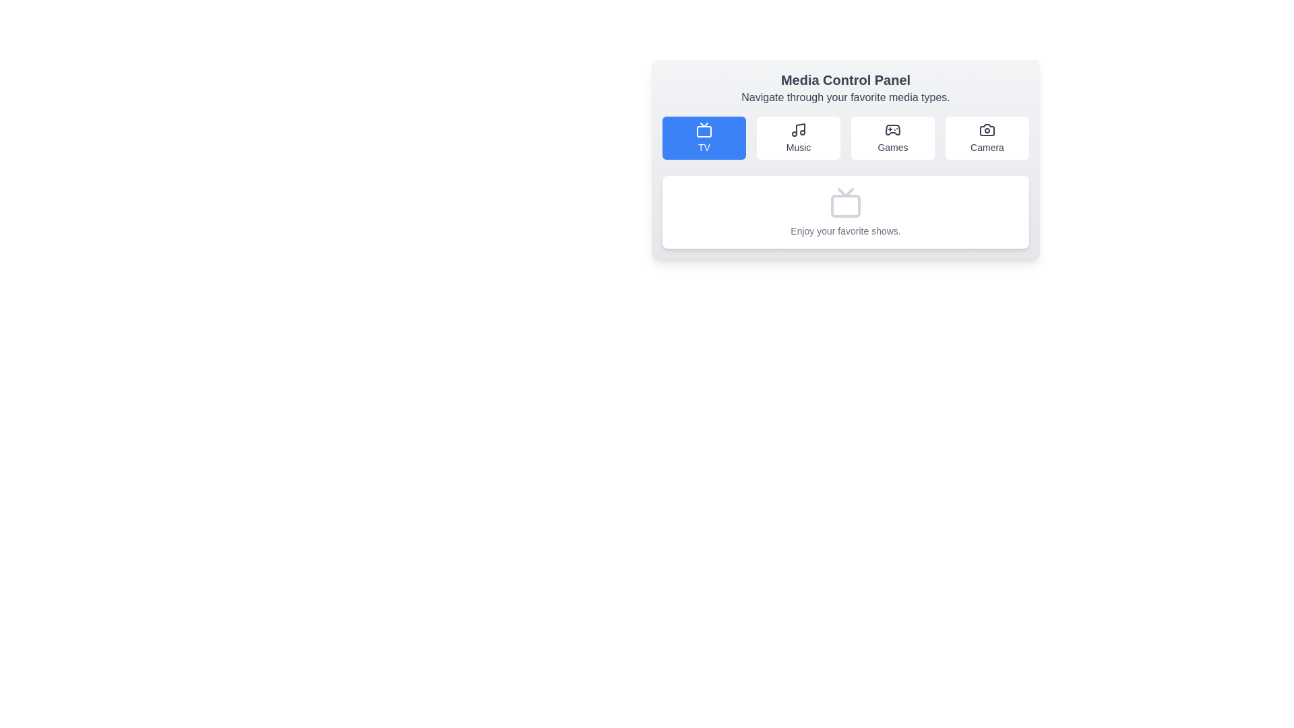  Describe the element at coordinates (987, 129) in the screenshot. I see `the camera SVG icon located in the media control panel, which is the last button in a row of four buttons, visually representing the camera functionality` at that location.